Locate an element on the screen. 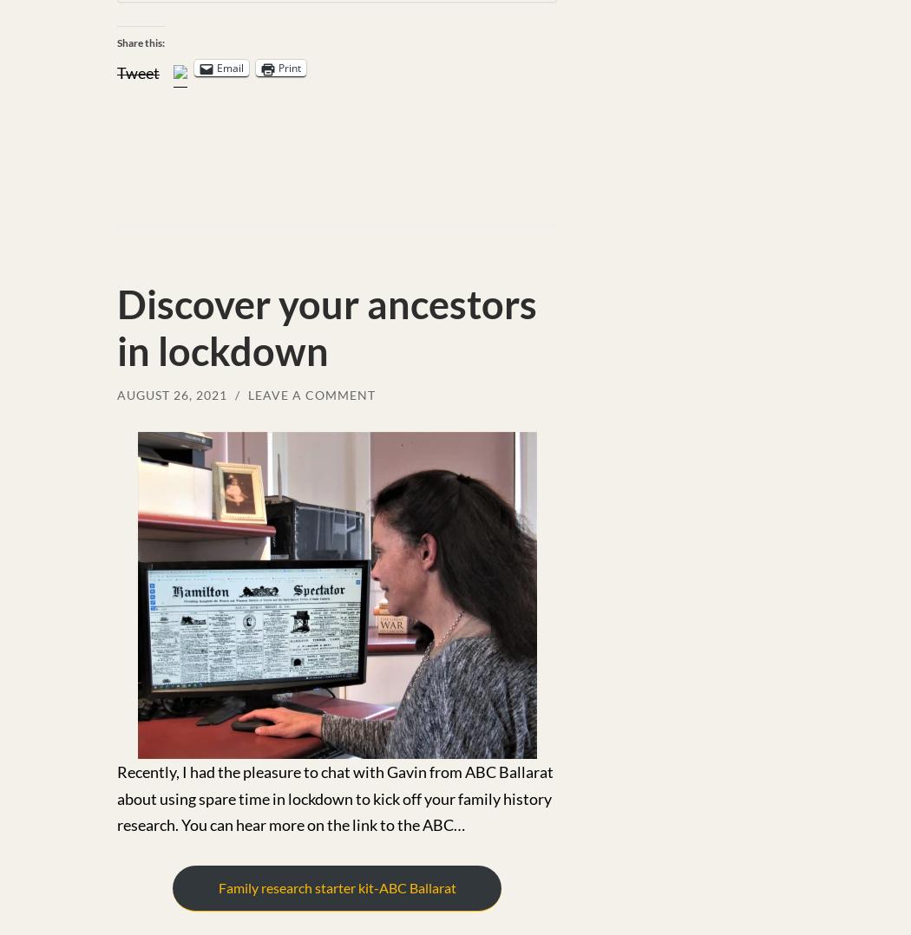  'Share this:' is located at coordinates (141, 42).